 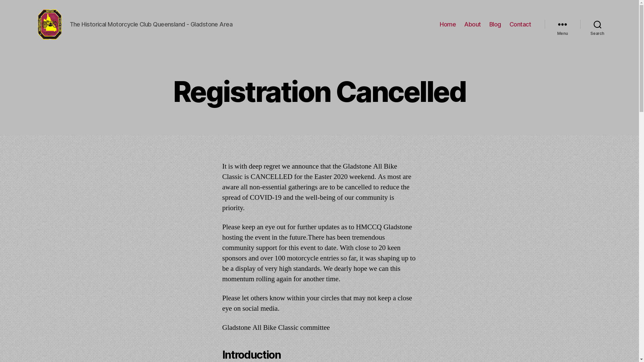 What do you see at coordinates (439, 24) in the screenshot?
I see `'Home'` at bounding box center [439, 24].